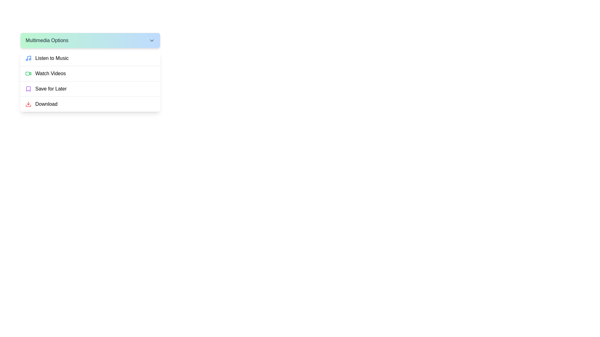  Describe the element at coordinates (27, 73) in the screenshot. I see `the solid rectangular component with slightly rounded corners within the video camera icon, which is positioned slightly to the left and towards the center of the icon` at that location.